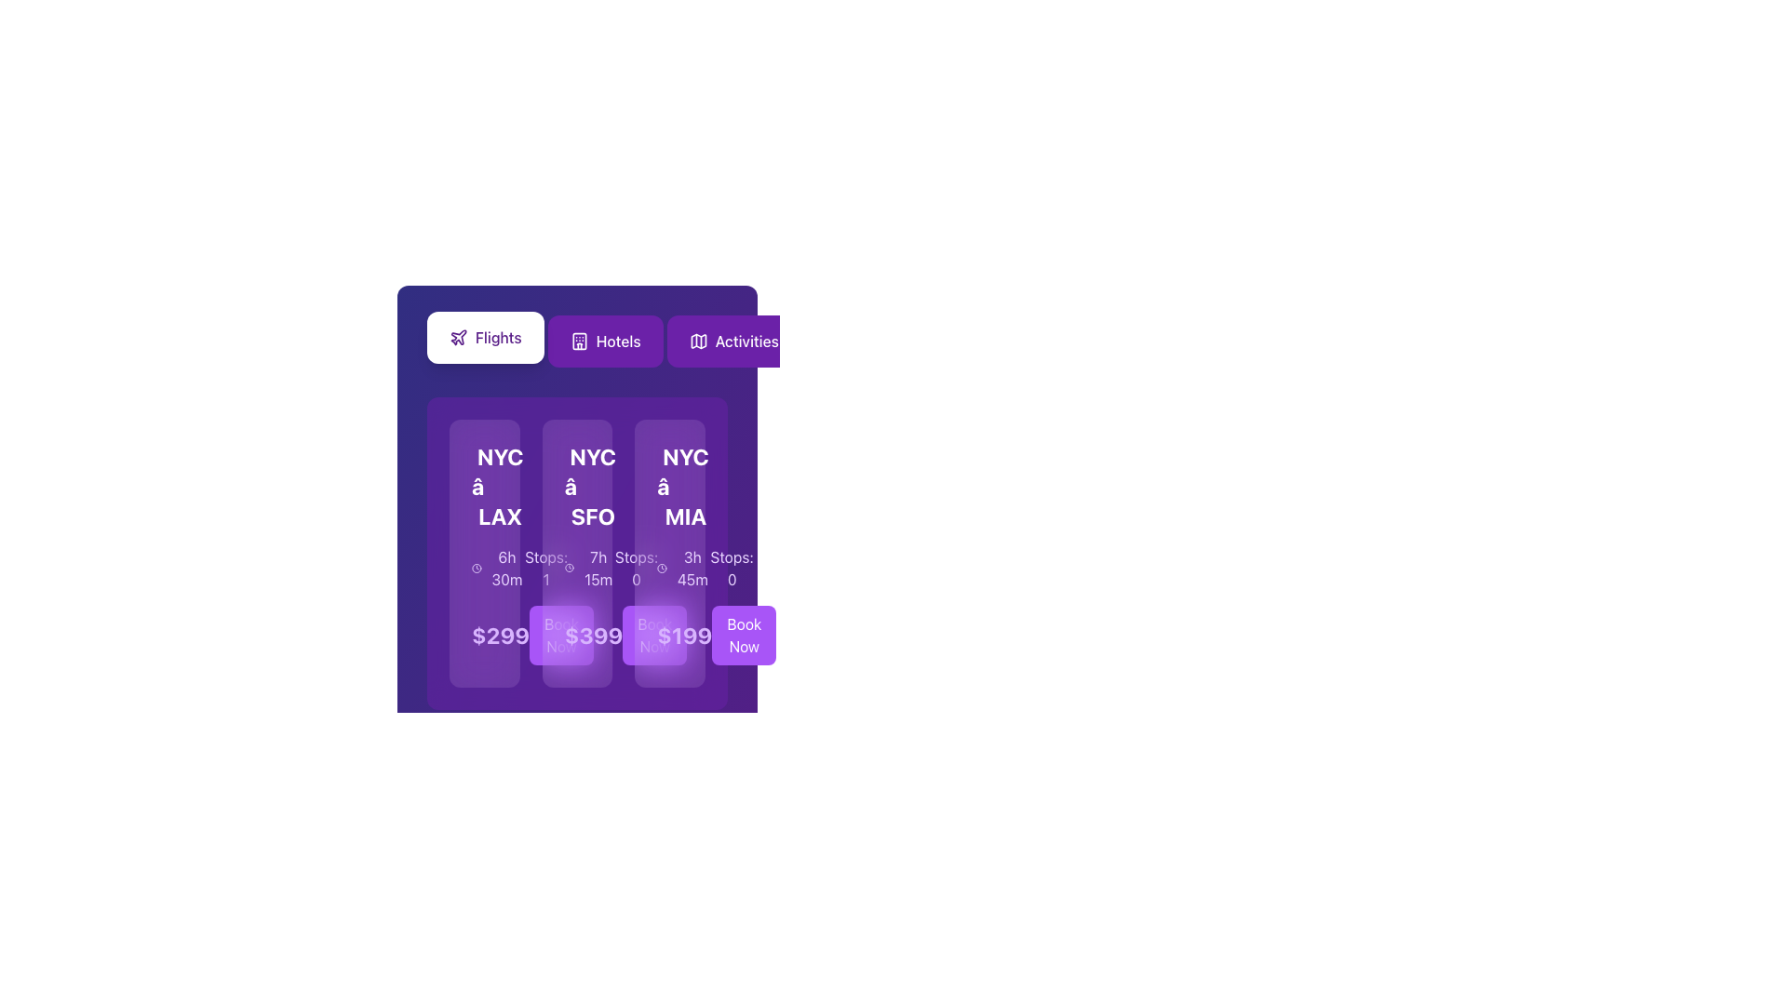  Describe the element at coordinates (576, 341) in the screenshot. I see `the 'Hotels' button, which is a compact button with white text on a purple background, located between the 'Flights' and 'Activities' buttons` at that location.